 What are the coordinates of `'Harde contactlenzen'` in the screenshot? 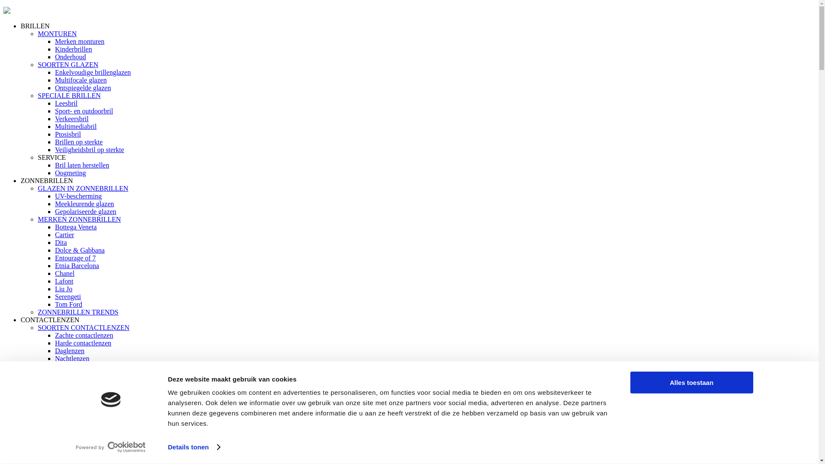 It's located at (83, 342).